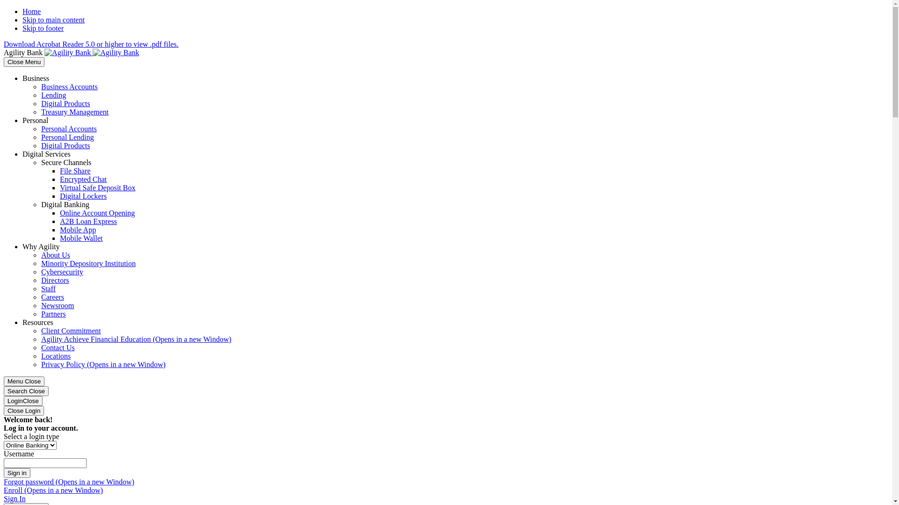 Image resolution: width=899 pixels, height=505 pixels. What do you see at coordinates (53, 490) in the screenshot?
I see `'Enroll (Opens in a new Window)'` at bounding box center [53, 490].